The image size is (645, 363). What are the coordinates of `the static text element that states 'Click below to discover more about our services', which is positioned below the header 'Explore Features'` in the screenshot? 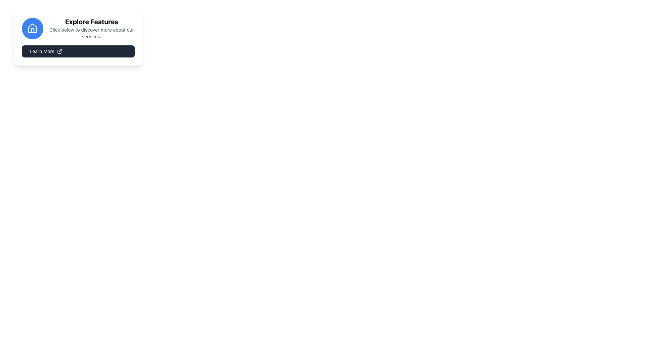 It's located at (91, 33).